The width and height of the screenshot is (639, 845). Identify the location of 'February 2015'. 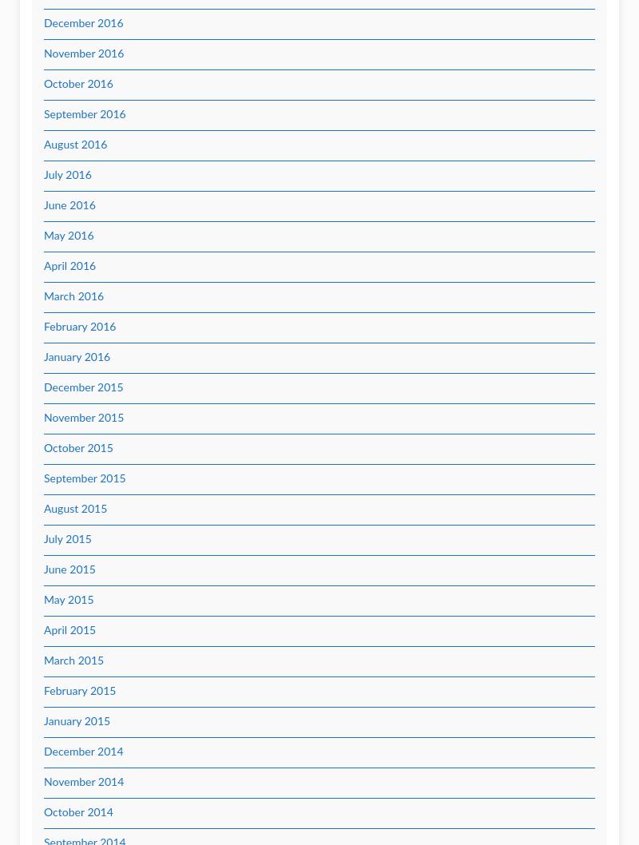
(80, 690).